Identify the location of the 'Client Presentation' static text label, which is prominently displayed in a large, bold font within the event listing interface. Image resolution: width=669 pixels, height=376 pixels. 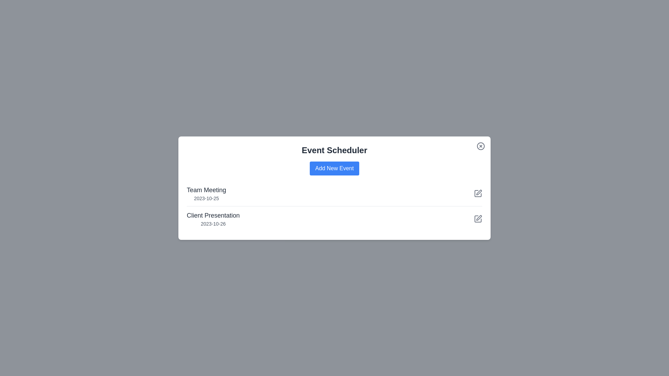
(213, 215).